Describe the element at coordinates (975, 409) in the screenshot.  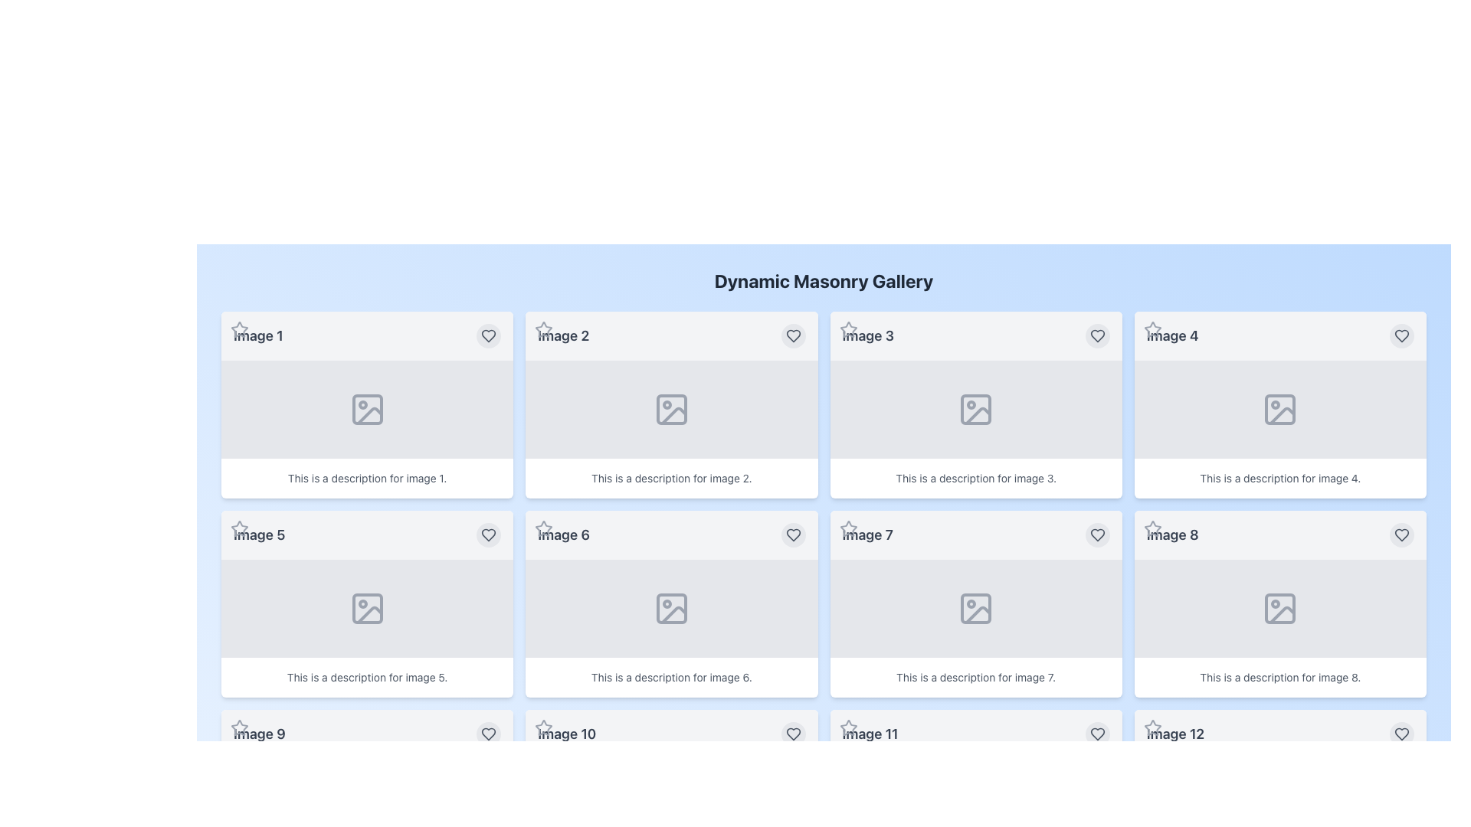
I see `the image placeholder icon located within the card labeled 'Image 3' in the dynamic masonry gallery layout` at that location.